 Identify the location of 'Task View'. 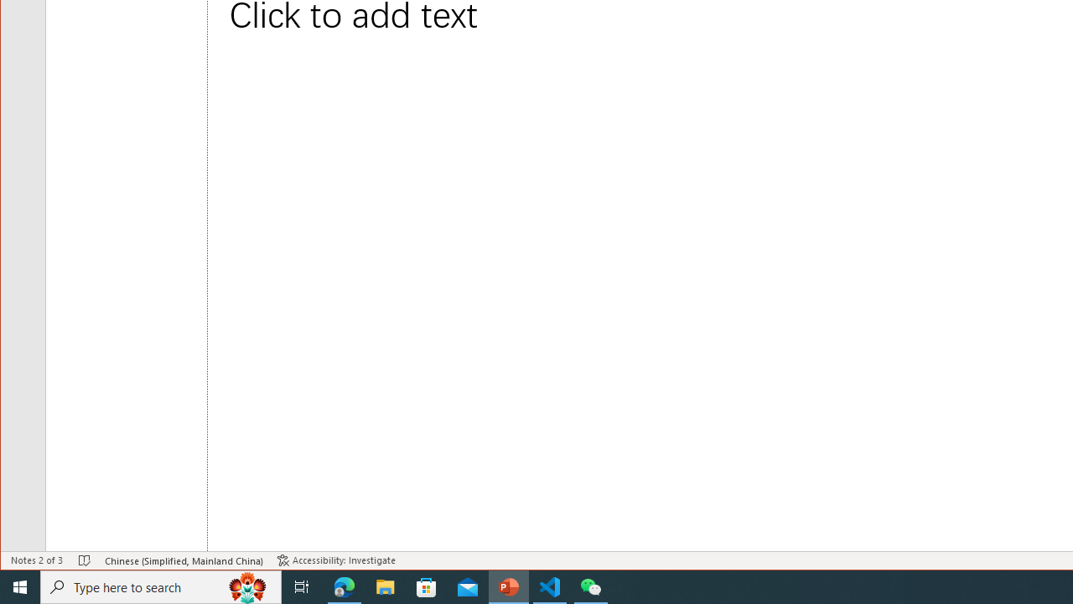
(301, 586).